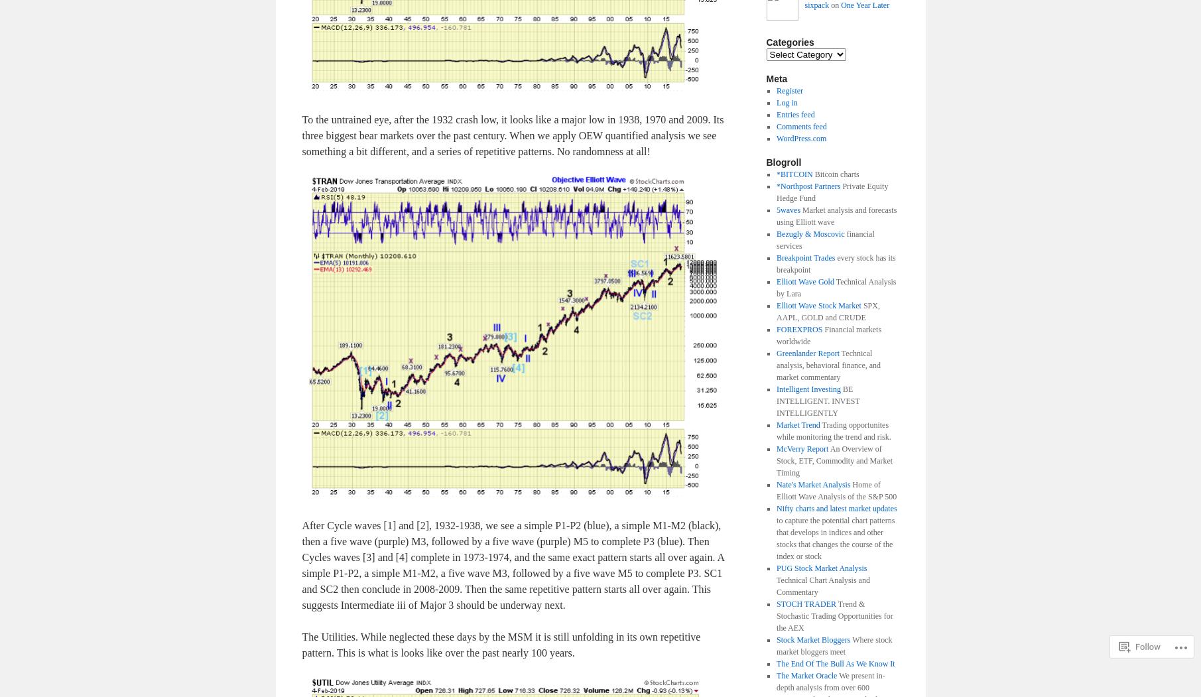 The height and width of the screenshot is (697, 1201). Describe the element at coordinates (775, 262) in the screenshot. I see `'every stock has its breakpoint'` at that location.